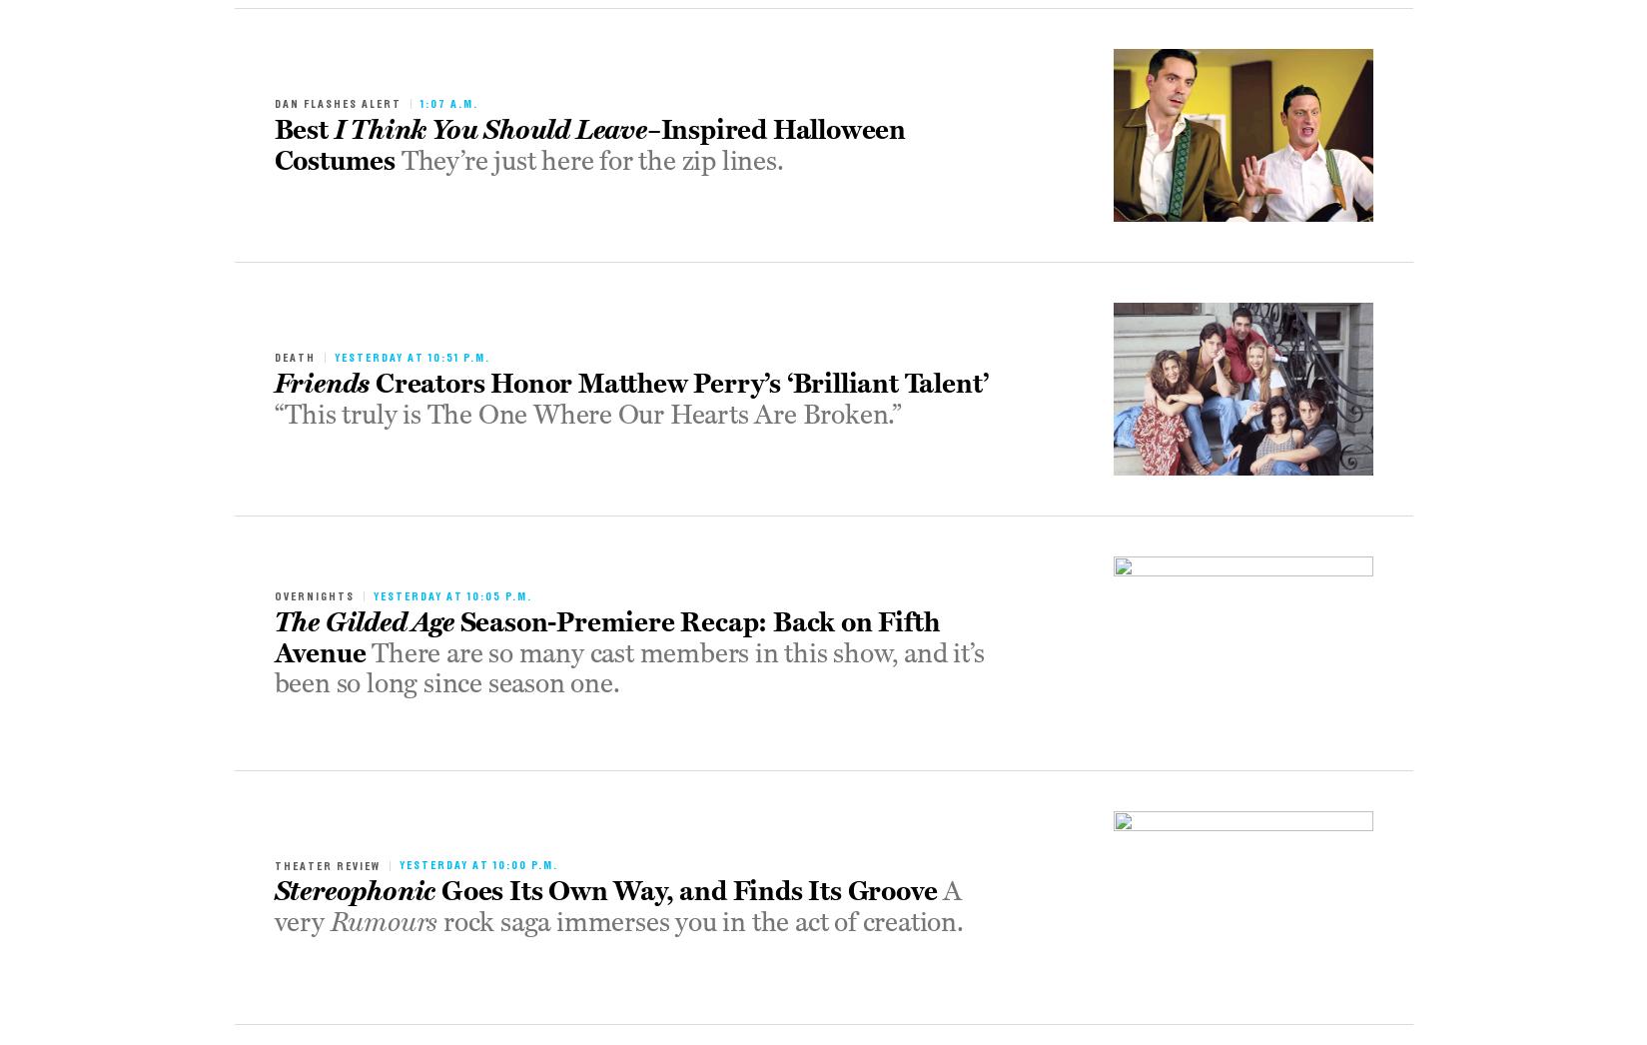 The image size is (1647, 1045). Describe the element at coordinates (688, 891) in the screenshot. I see `'Goes Its Own Way, and Finds Its Groove'` at that location.